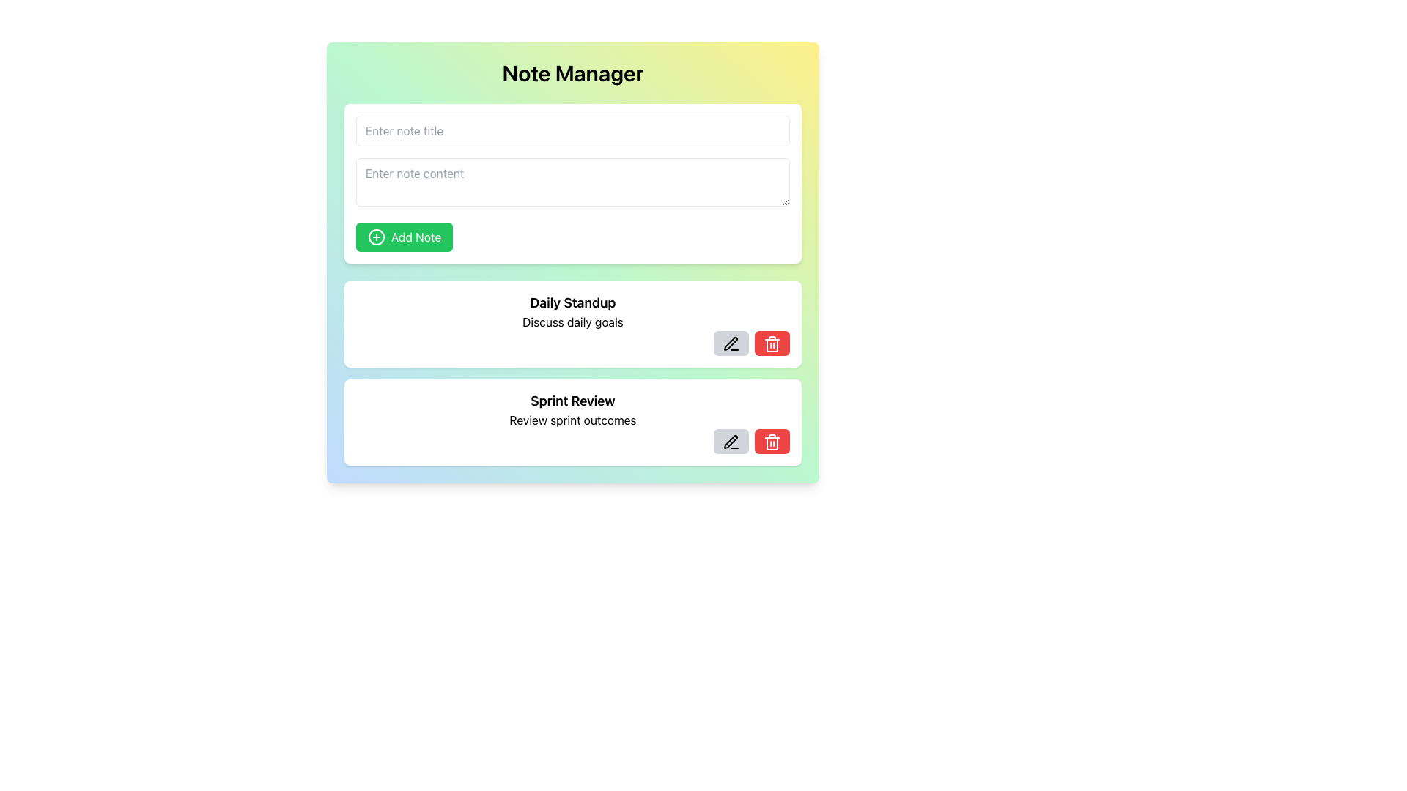 The height and width of the screenshot is (791, 1407). I want to click on the interactive note block titled 'Daily Standup', so click(572, 323).